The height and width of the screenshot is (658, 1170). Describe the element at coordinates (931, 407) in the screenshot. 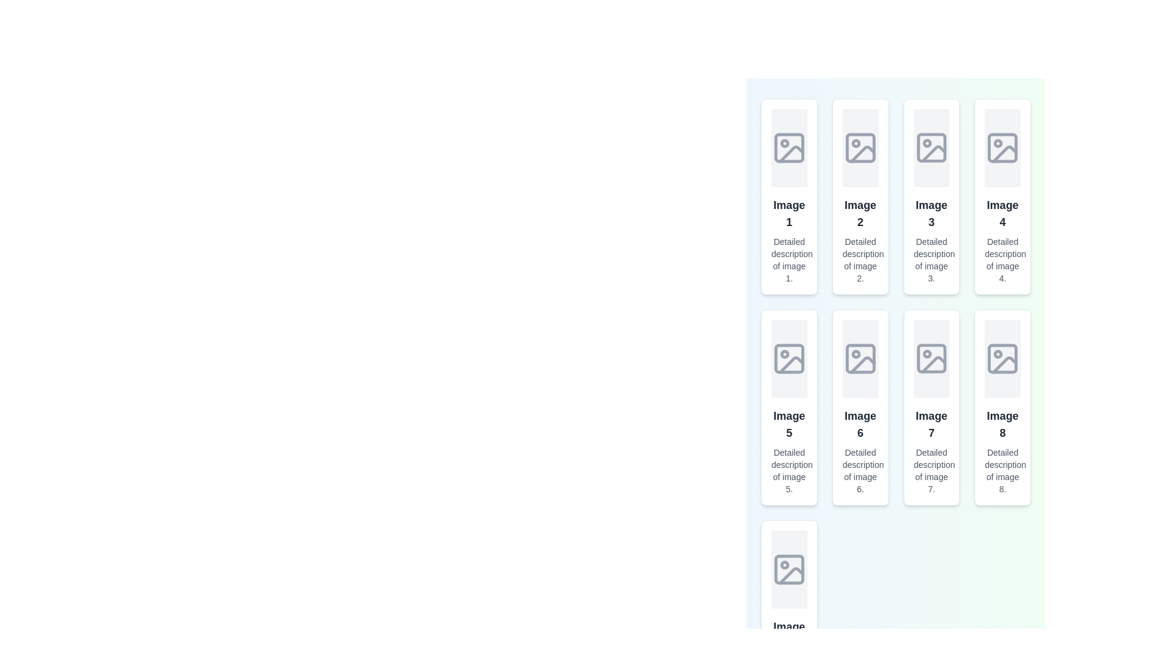

I see `to interact with the Image preview card displaying 'Image 7', which is located in the third row and third column of the grid layout` at that location.